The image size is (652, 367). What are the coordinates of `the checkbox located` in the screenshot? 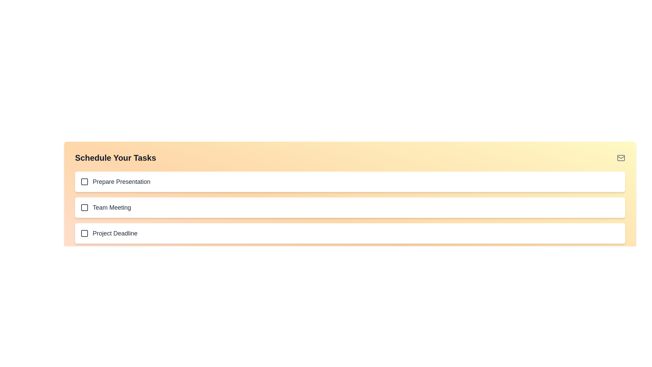 It's located at (84, 207).